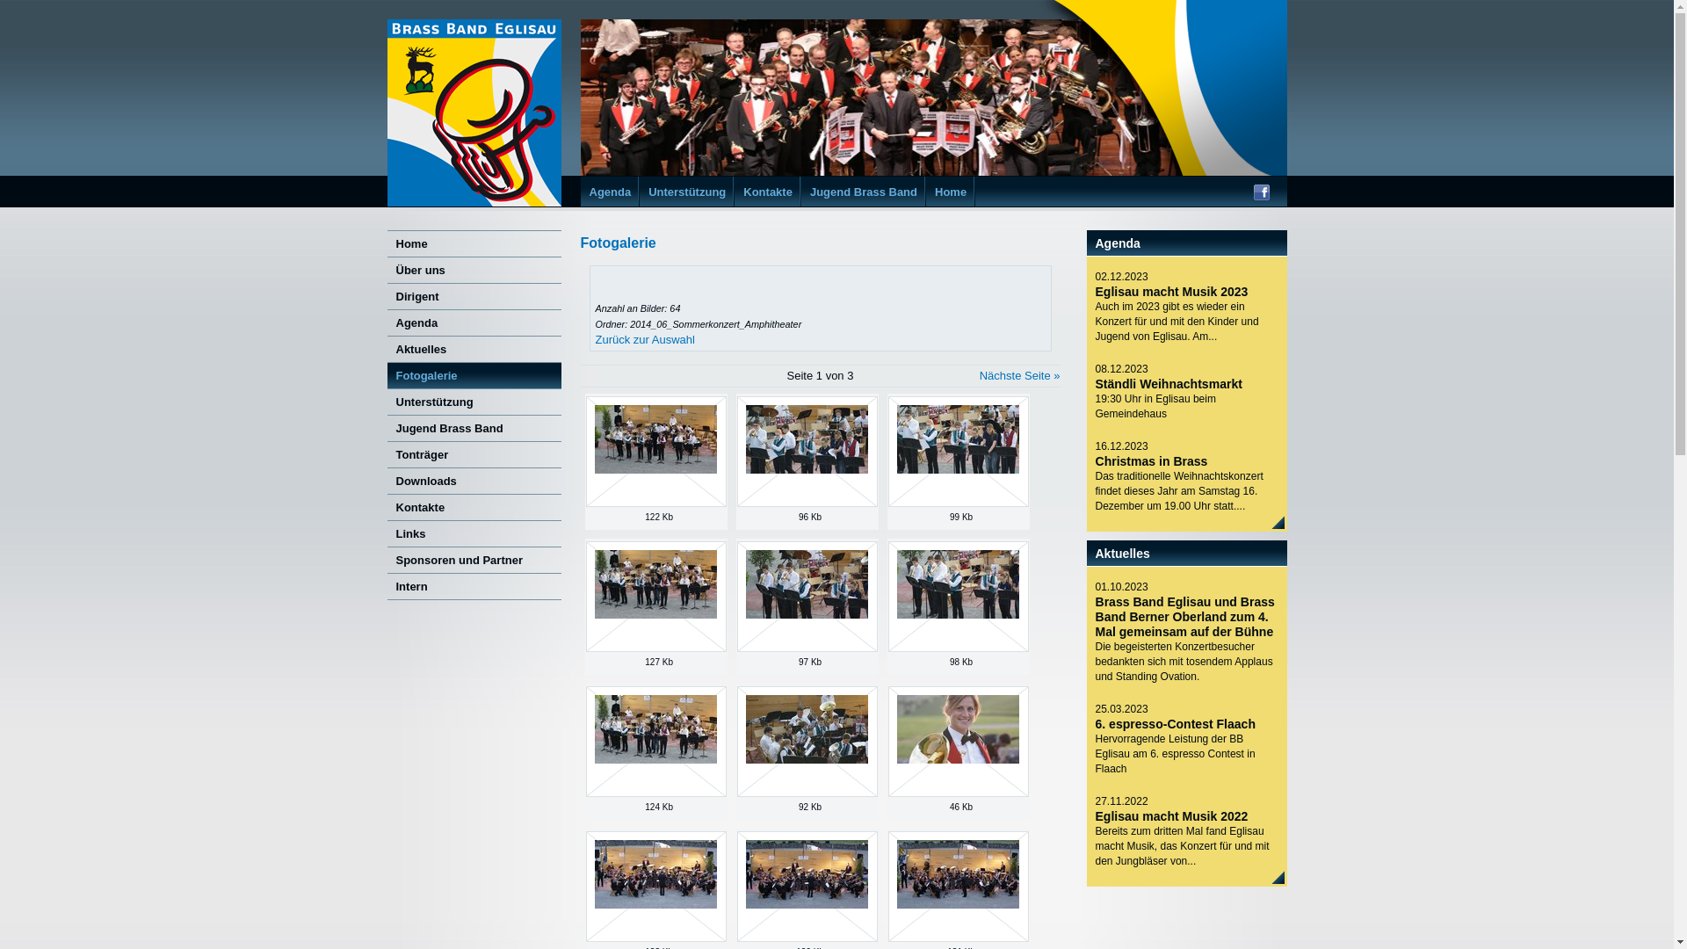 The image size is (1687, 949). I want to click on 'Dirigent', so click(386, 294).